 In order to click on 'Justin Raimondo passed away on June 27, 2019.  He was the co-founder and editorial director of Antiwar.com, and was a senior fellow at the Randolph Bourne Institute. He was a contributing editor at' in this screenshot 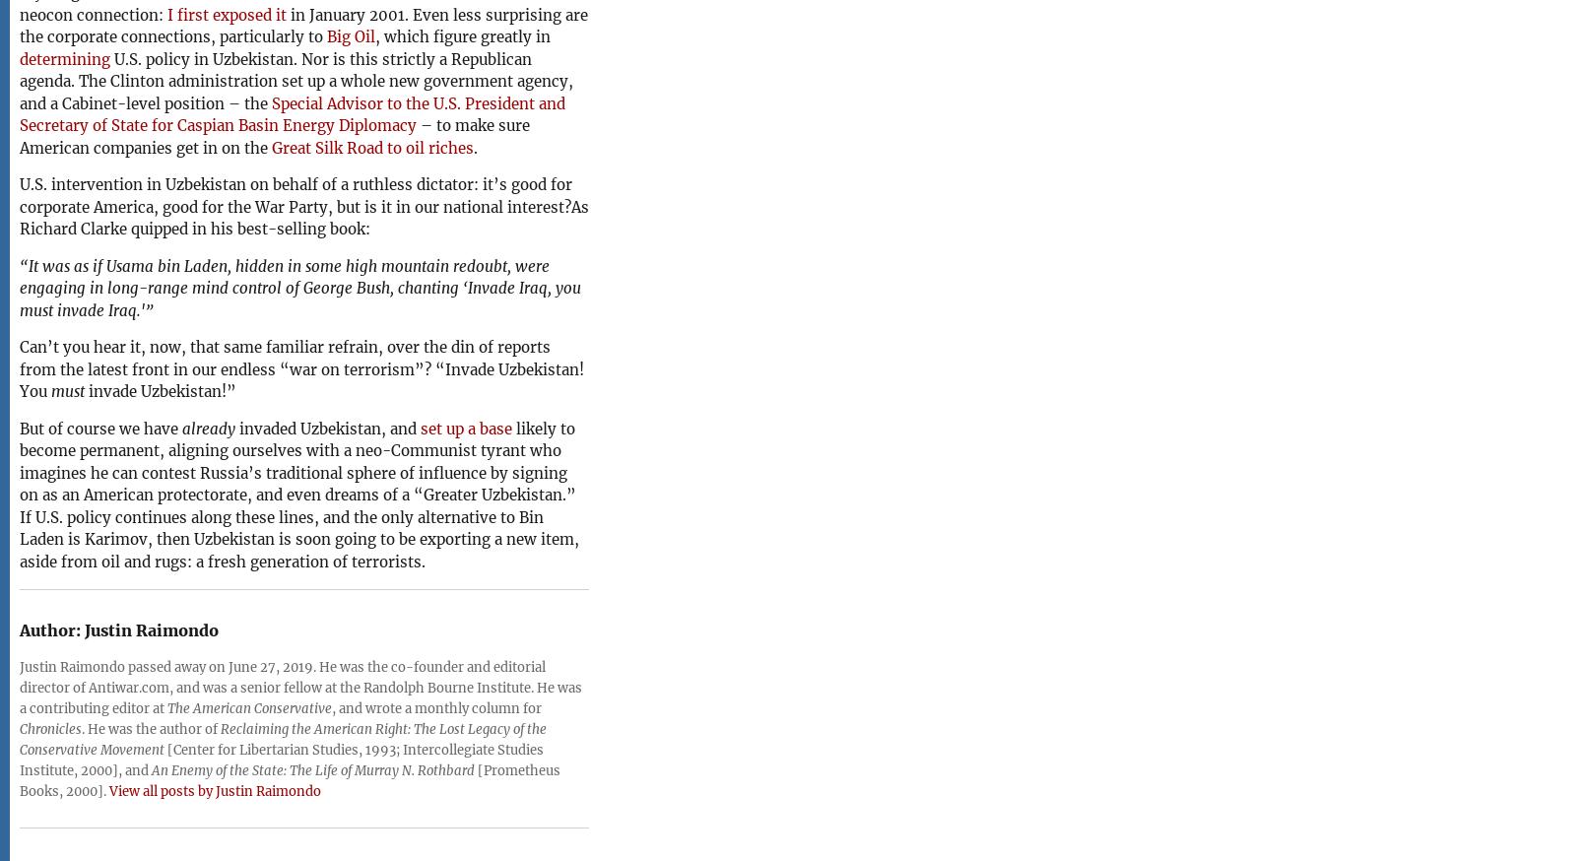, I will do `click(300, 687)`.